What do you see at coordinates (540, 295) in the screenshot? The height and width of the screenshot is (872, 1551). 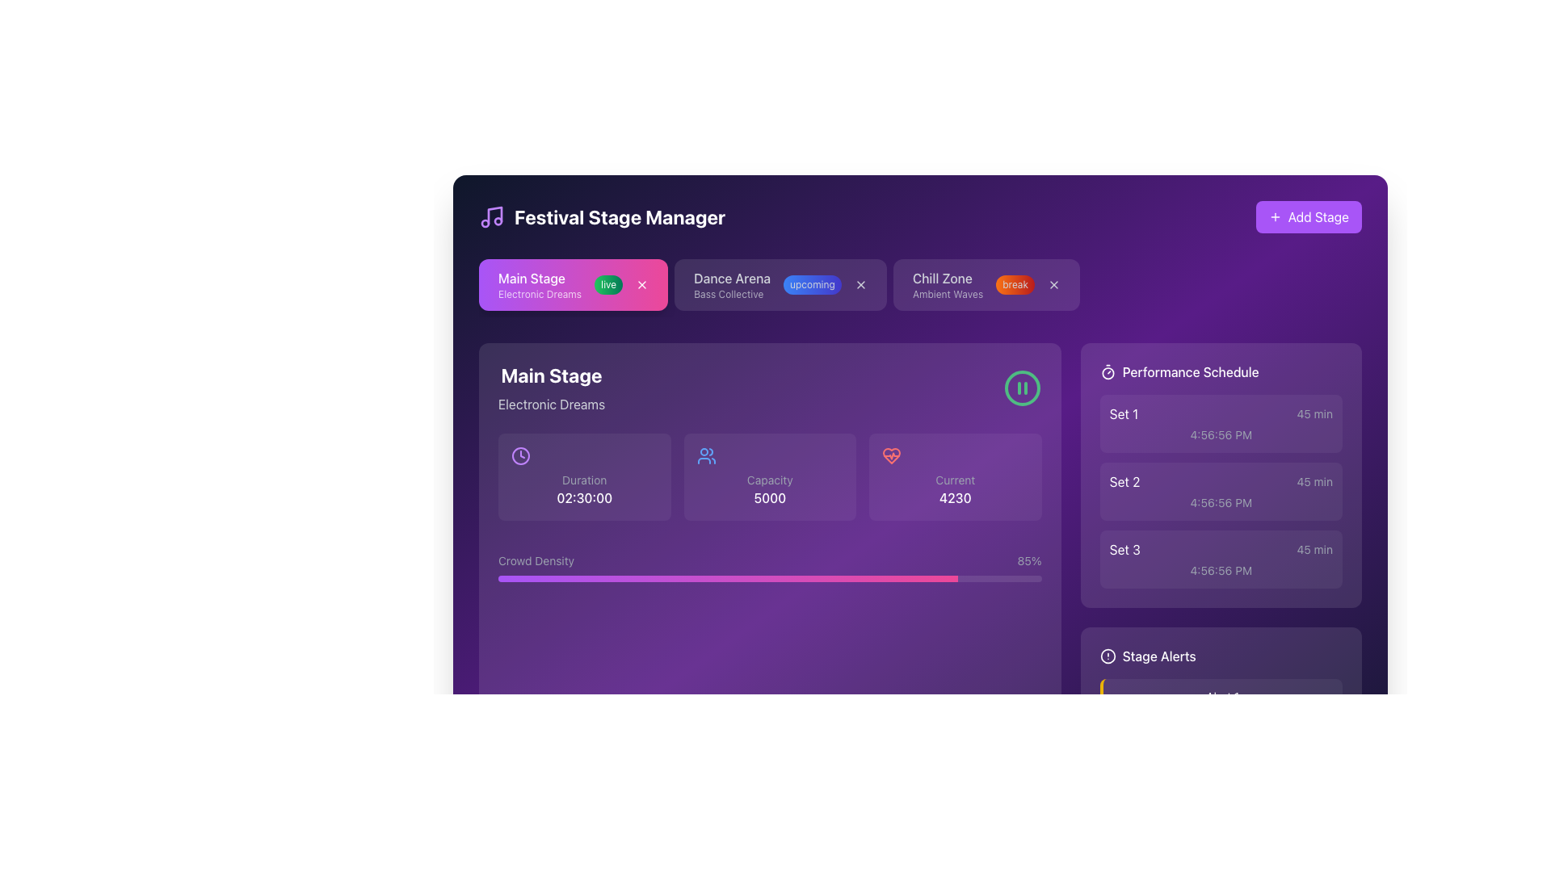 I see `the text label that provides additional details about 'Main Stage', located directly under the main text in the pink tab at the top-left corner of the interface` at bounding box center [540, 295].